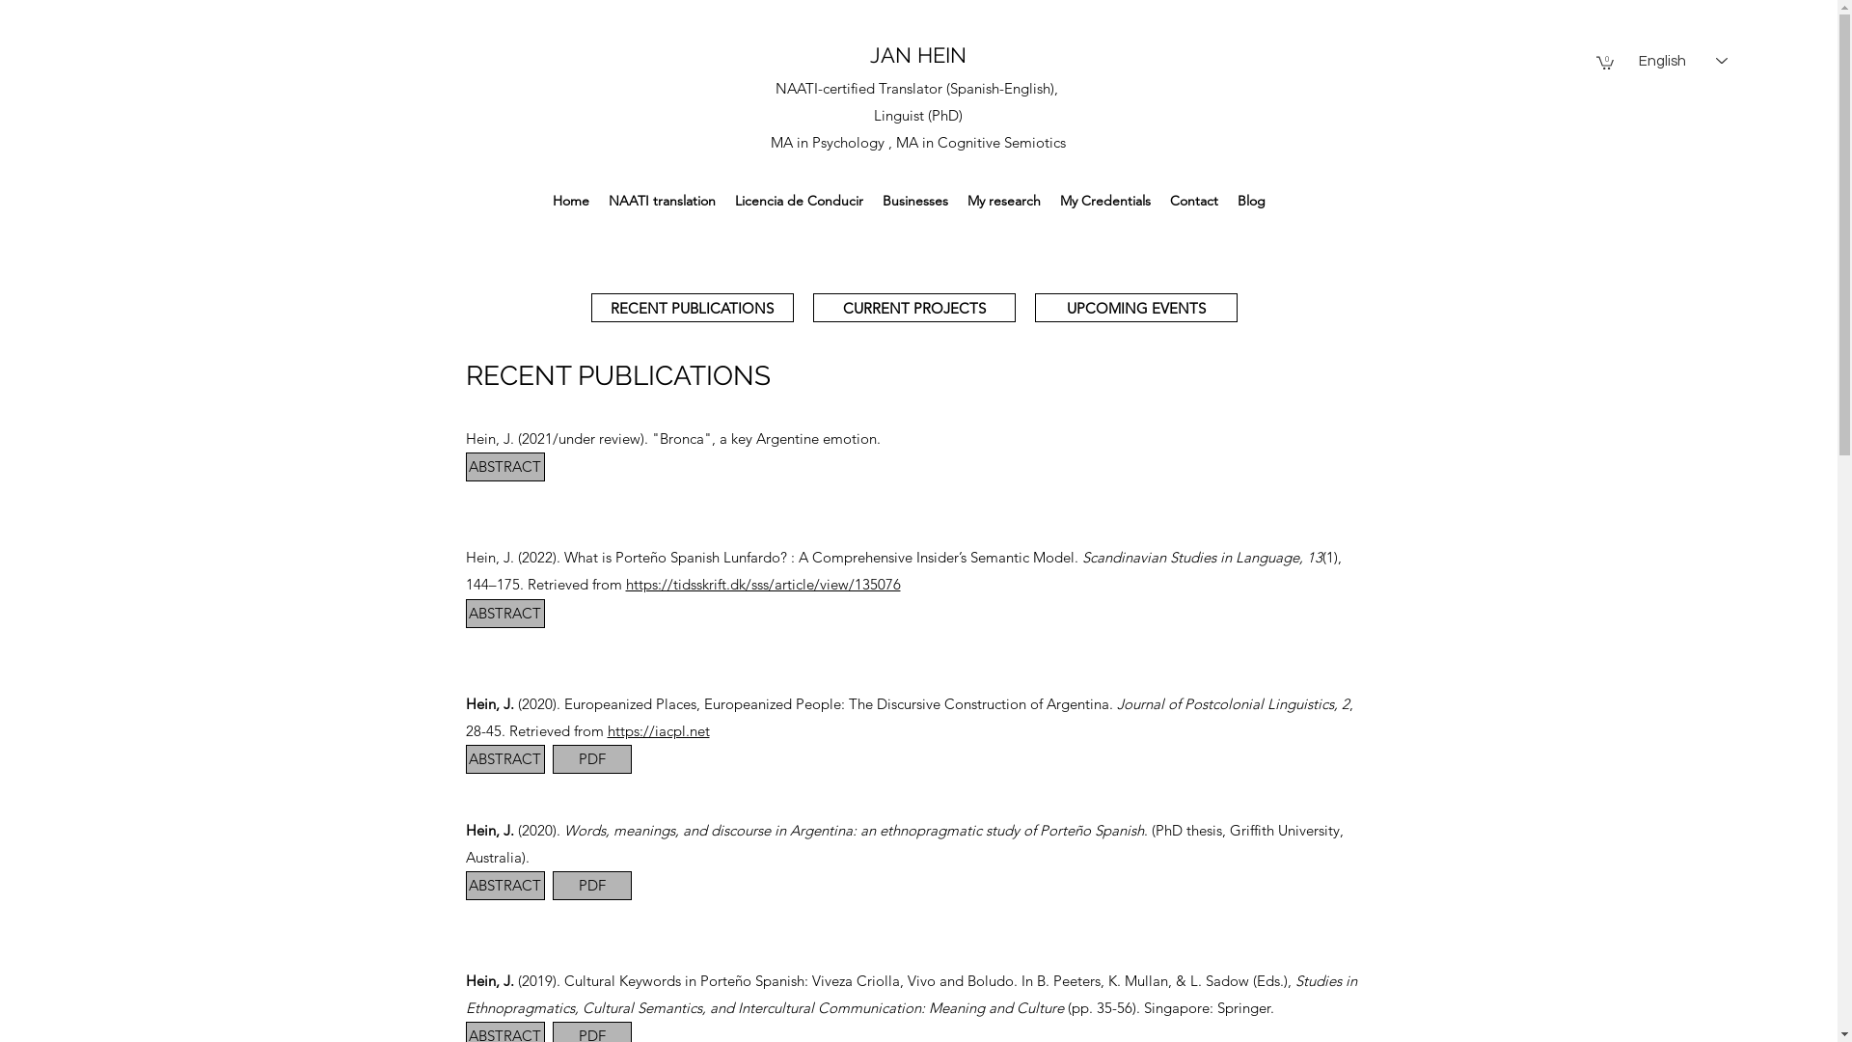  Describe the element at coordinates (1193, 201) in the screenshot. I see `'Contact'` at that location.